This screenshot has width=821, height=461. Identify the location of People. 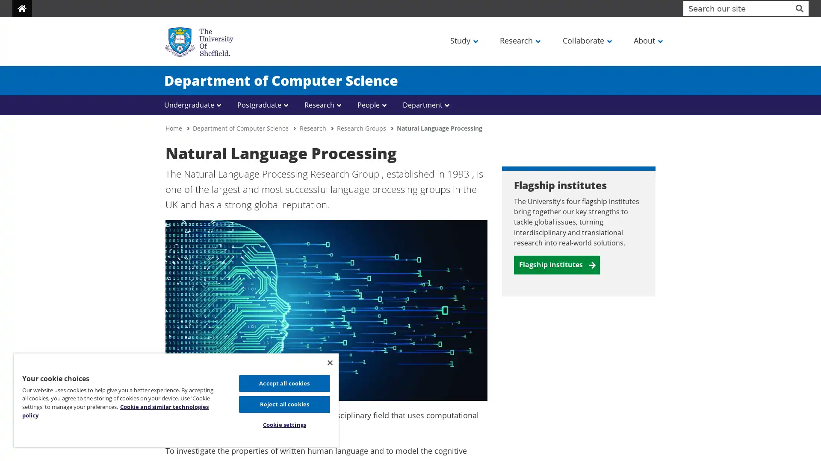
(373, 105).